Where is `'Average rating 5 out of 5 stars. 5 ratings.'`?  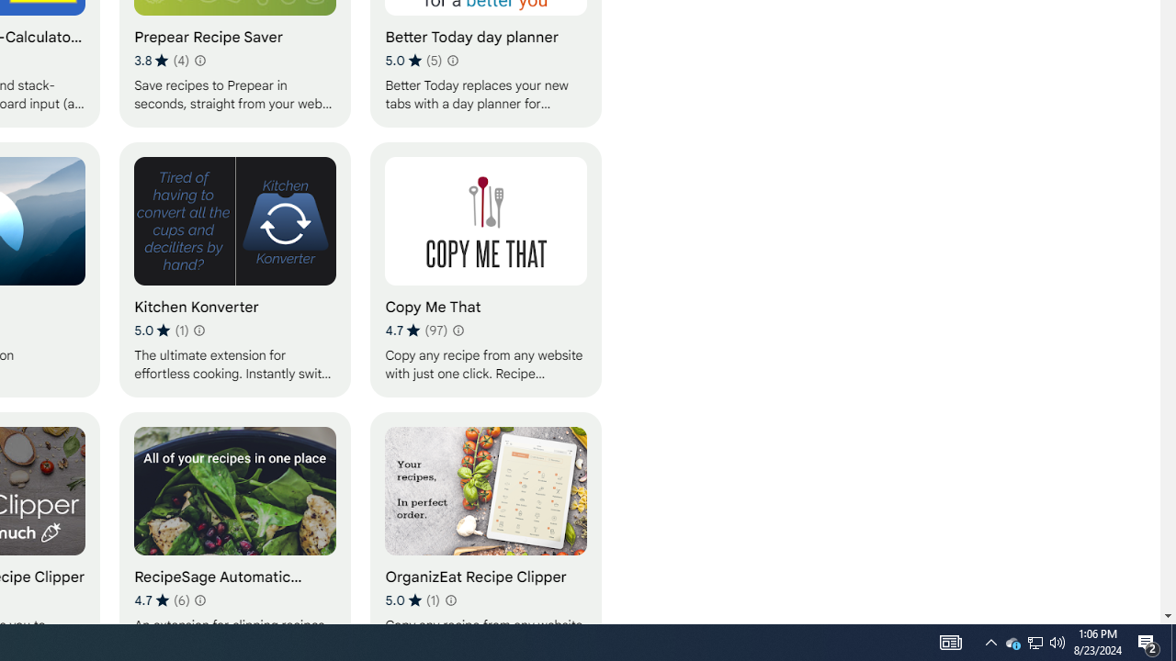
'Average rating 5 out of 5 stars. 5 ratings.' is located at coordinates (413, 60).